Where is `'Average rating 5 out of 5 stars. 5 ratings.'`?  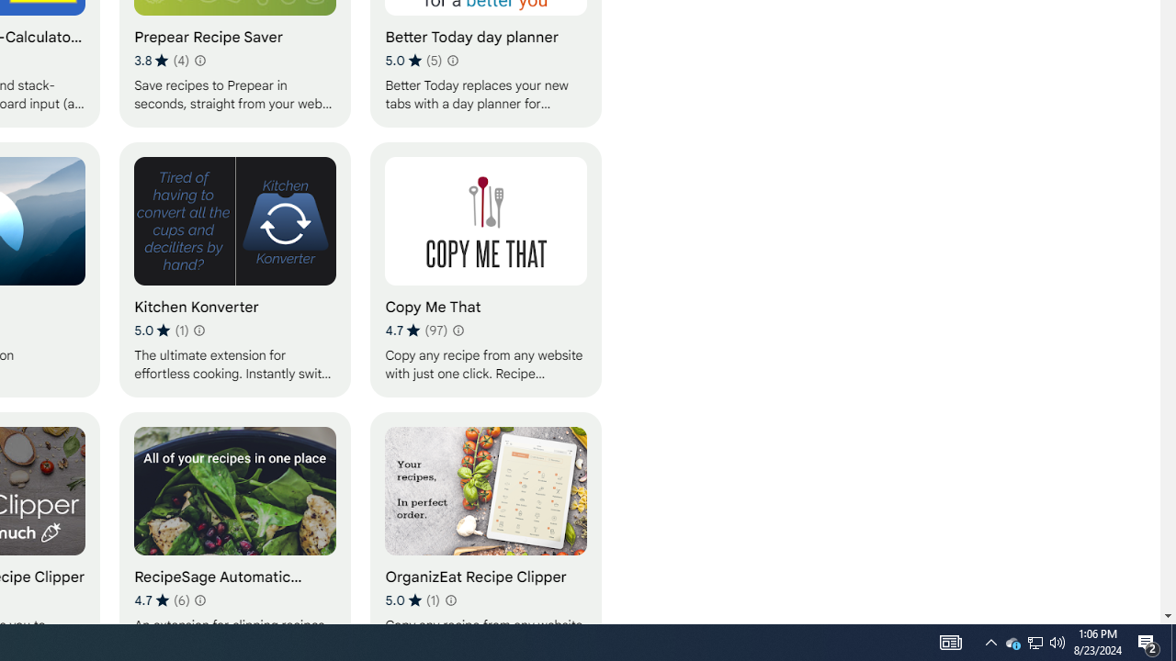
'Average rating 5 out of 5 stars. 5 ratings.' is located at coordinates (413, 60).